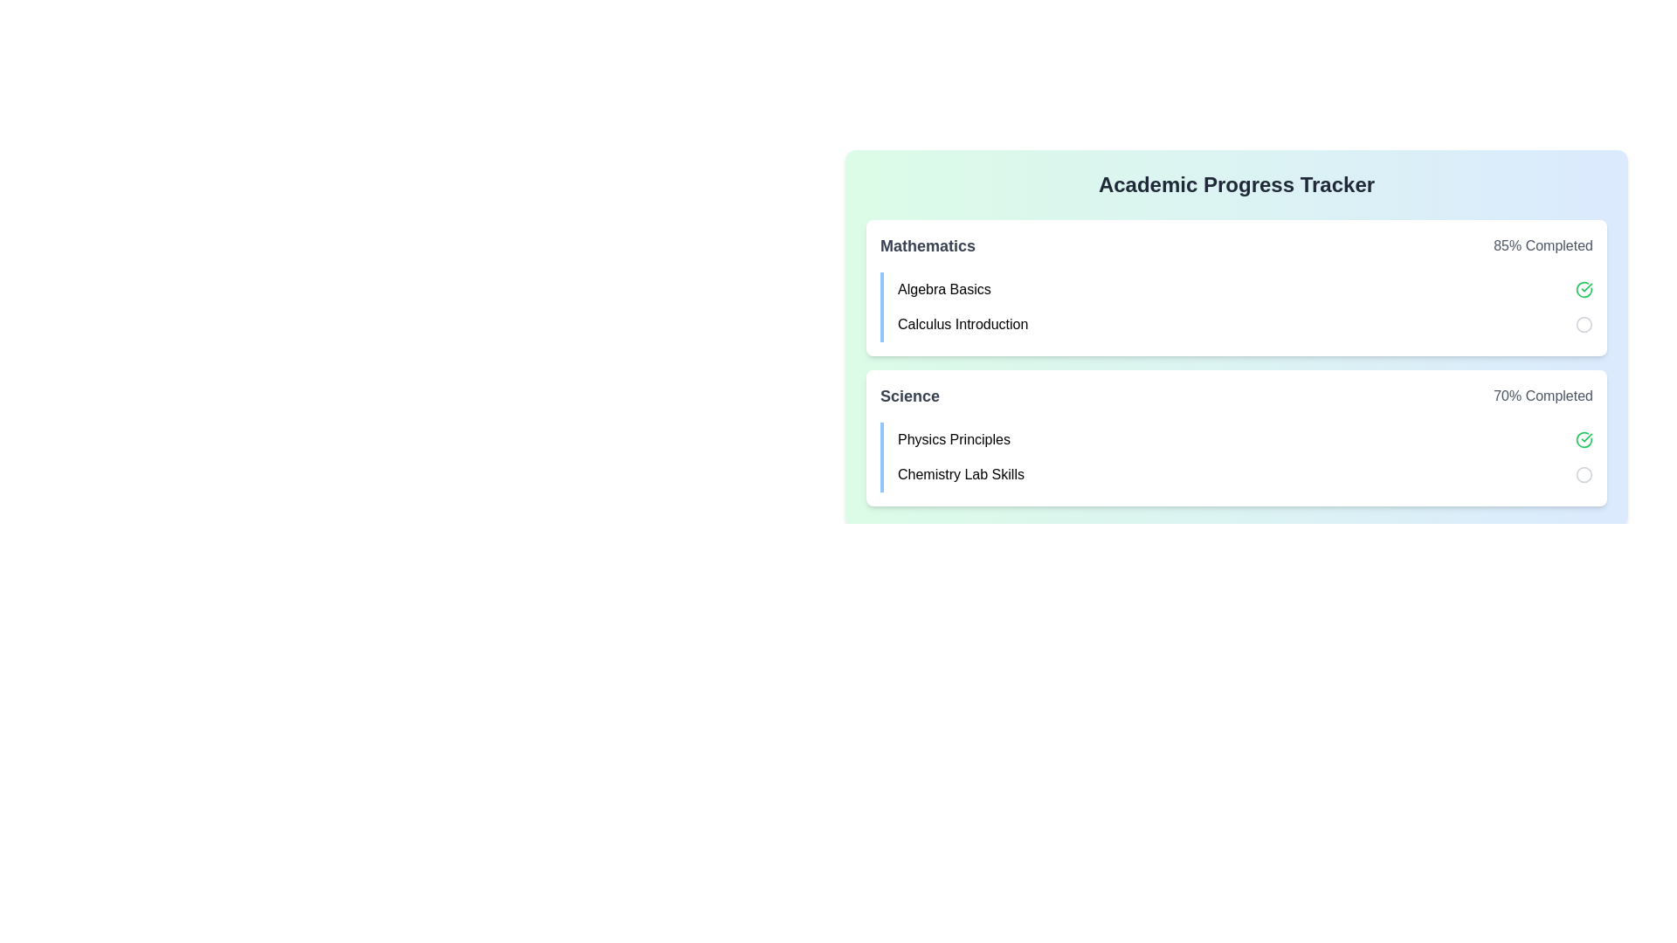  Describe the element at coordinates (962, 324) in the screenshot. I see `the 'Calculus Introduction' text label located in the second row under the 'Mathematics' heading in the 'Academic Progress Tracker' section` at that location.